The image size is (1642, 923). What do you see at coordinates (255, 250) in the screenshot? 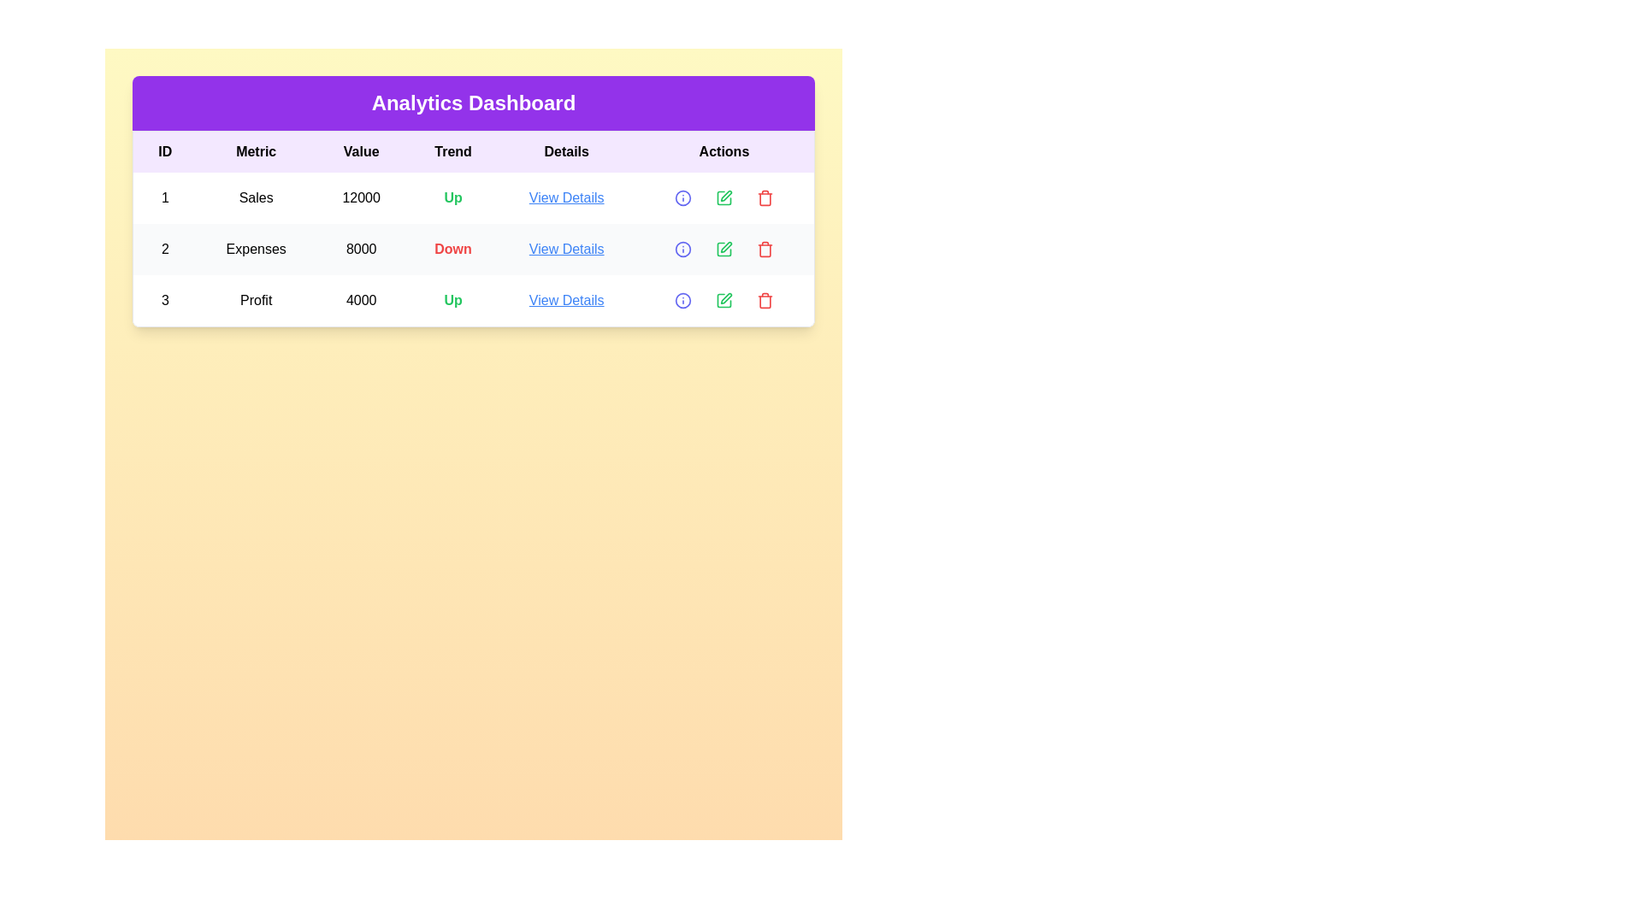
I see `the 'Expenses' static text, which is the second cell in the 'Metric' column of the table row corresponding to ID 2` at bounding box center [255, 250].